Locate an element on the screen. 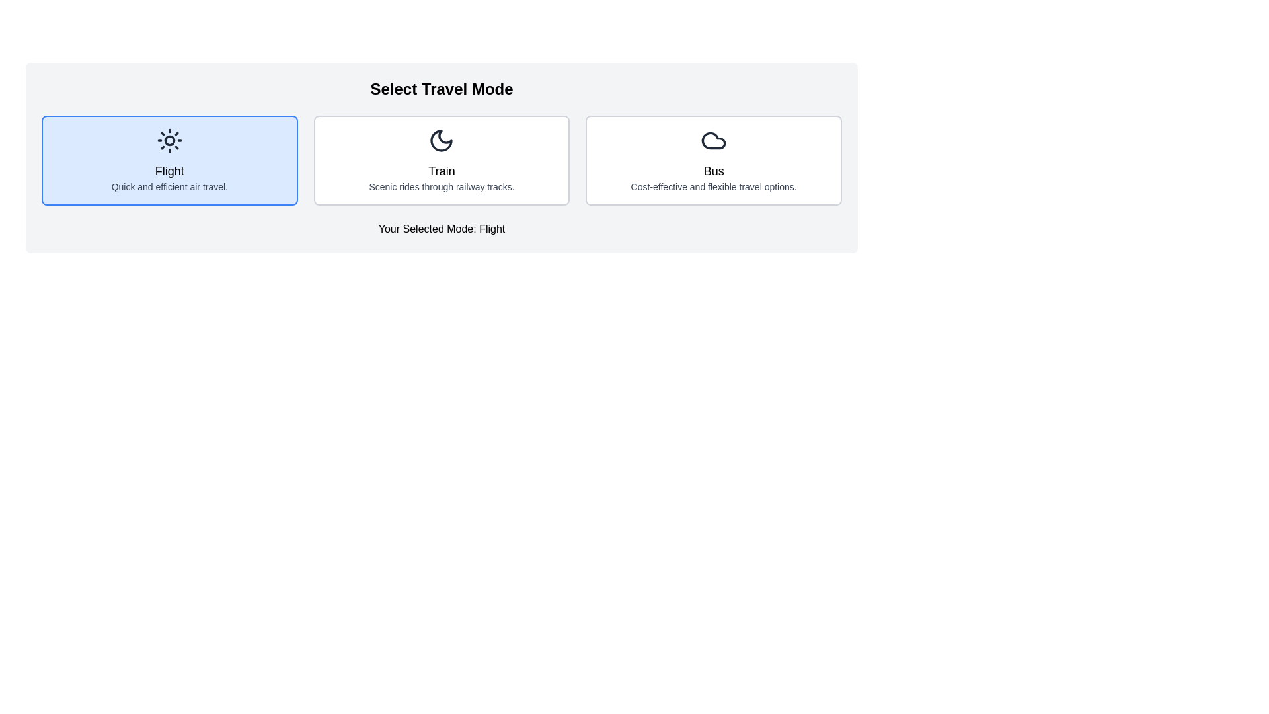 This screenshot has width=1269, height=714. the text label reading 'Train', which is the second selectable option in a horizontal layout of cards, positioned below a crescent moon icon and above the subtitle 'Scenic rides through railway tracks' is located at coordinates (442, 170).